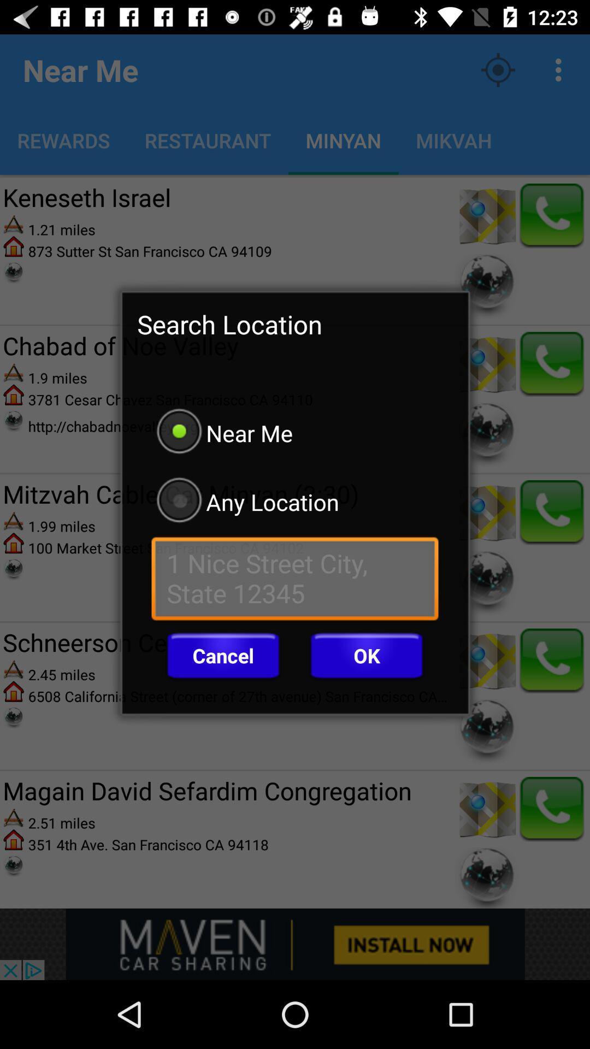 The height and width of the screenshot is (1049, 590). What do you see at coordinates (367, 656) in the screenshot?
I see `button to the right of the cancel button` at bounding box center [367, 656].